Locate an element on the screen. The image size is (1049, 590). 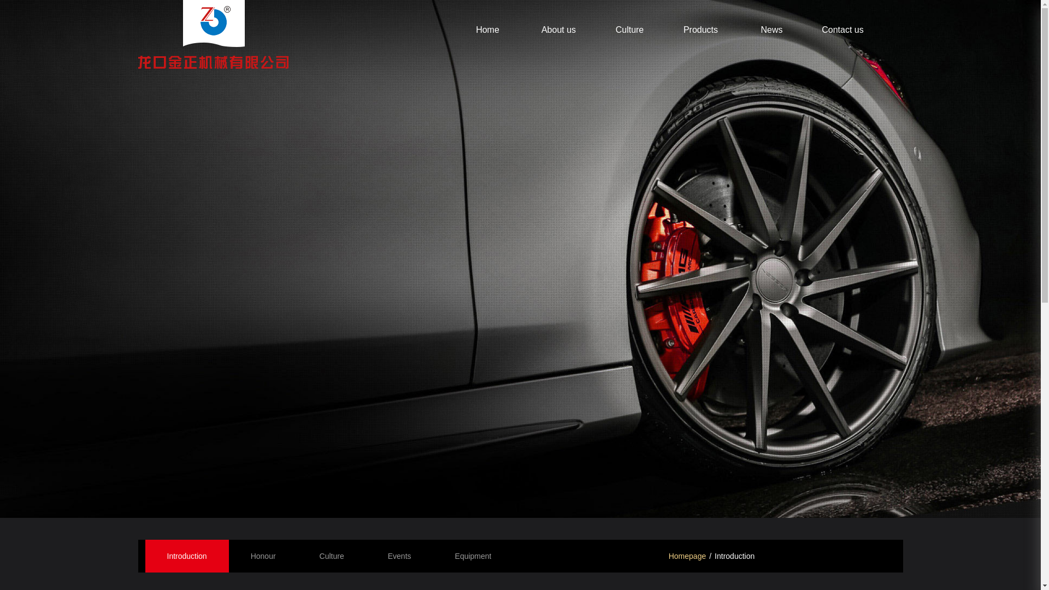
'Culture' is located at coordinates (331, 556).